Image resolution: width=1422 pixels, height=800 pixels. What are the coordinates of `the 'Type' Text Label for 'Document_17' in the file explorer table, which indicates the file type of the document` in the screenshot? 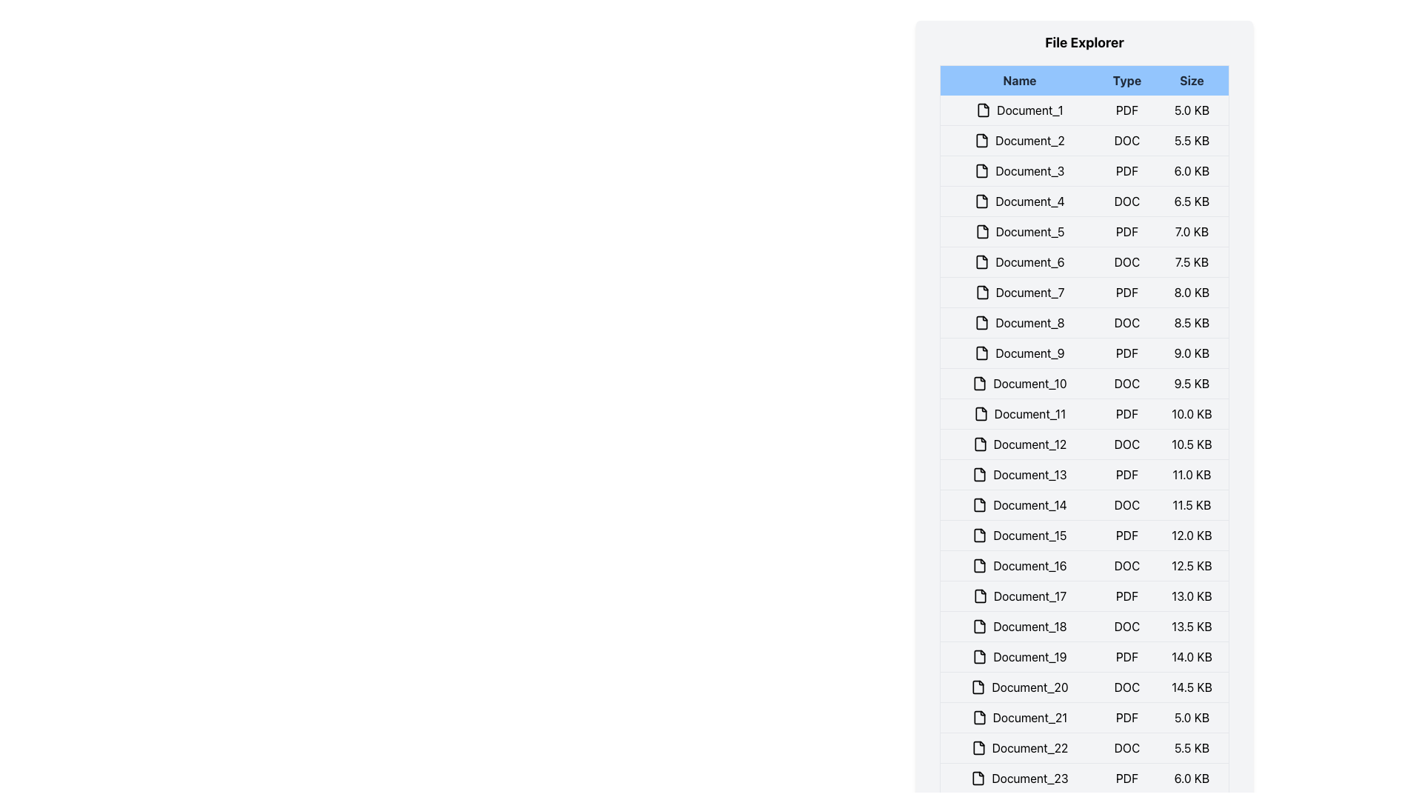 It's located at (1126, 596).